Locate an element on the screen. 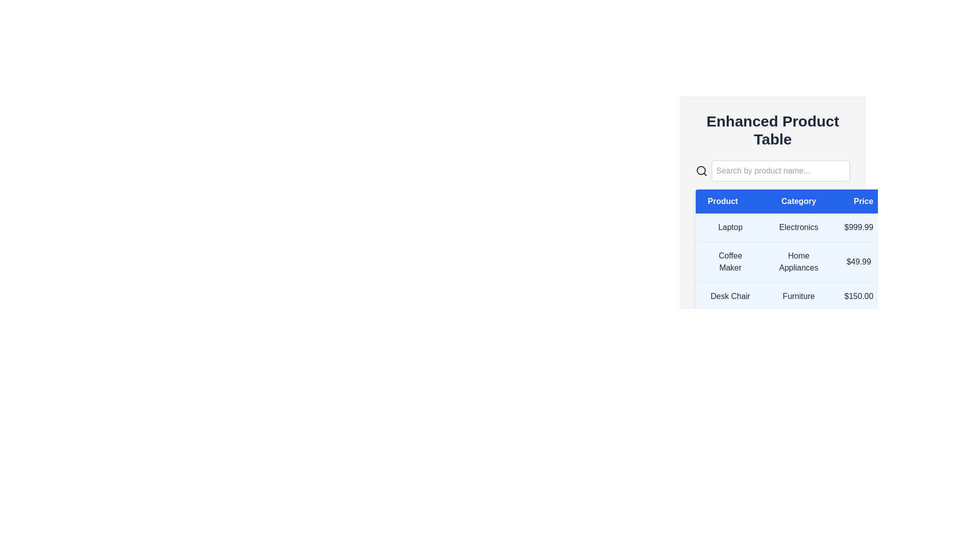 Image resolution: width=961 pixels, height=540 pixels. the 'Category' table column header, which is styled with bold, centered white text on a blue background and is positioned between 'Product' and 'Price' is located at coordinates (798, 201).